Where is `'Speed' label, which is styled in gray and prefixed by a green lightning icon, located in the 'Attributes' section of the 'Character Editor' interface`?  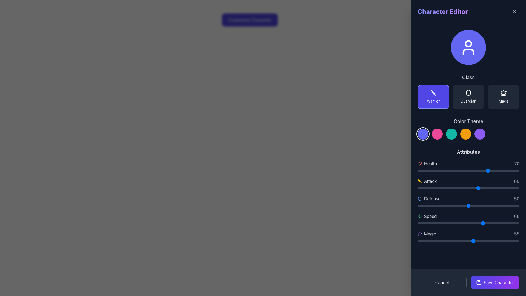
'Speed' label, which is styled in gray and prefixed by a green lightning icon, located in the 'Attributes' section of the 'Character Editor' interface is located at coordinates (427, 216).